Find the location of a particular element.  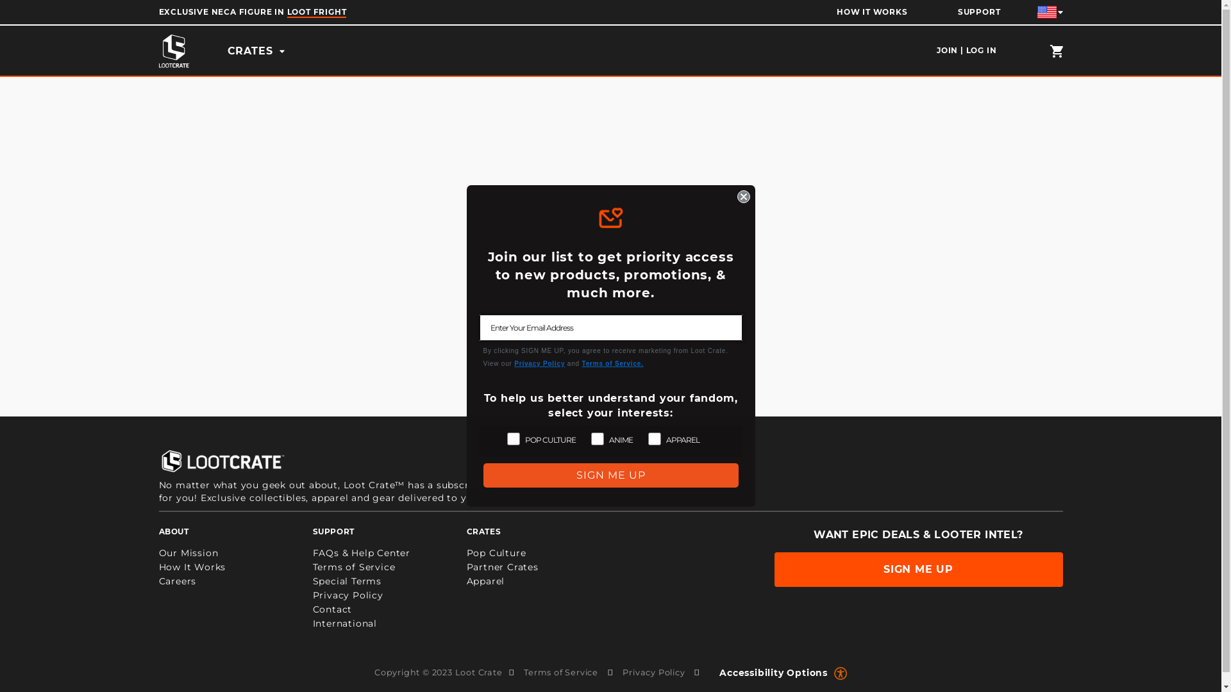

'Terms of Service.' is located at coordinates (612, 363).